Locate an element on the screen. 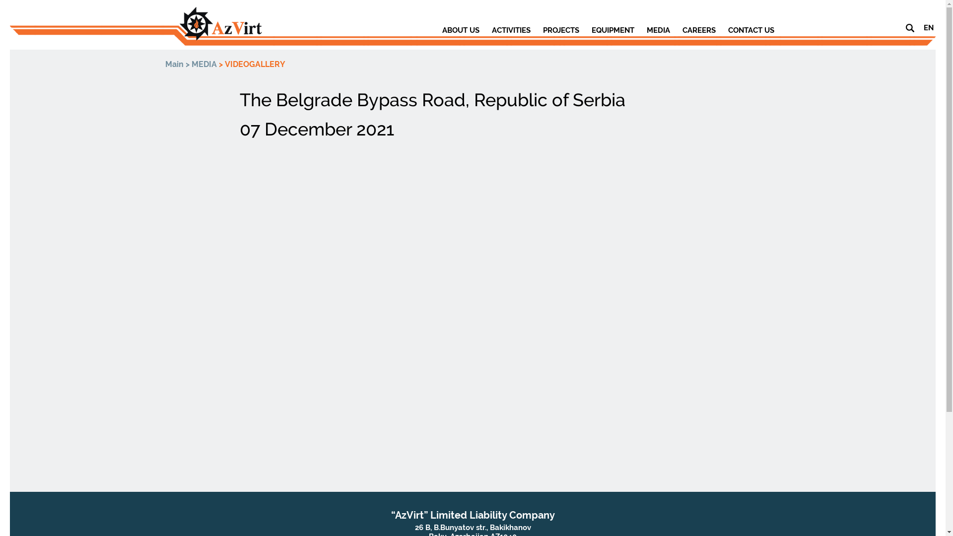 The height and width of the screenshot is (536, 953). 'EQUIPMENT' is located at coordinates (612, 30).